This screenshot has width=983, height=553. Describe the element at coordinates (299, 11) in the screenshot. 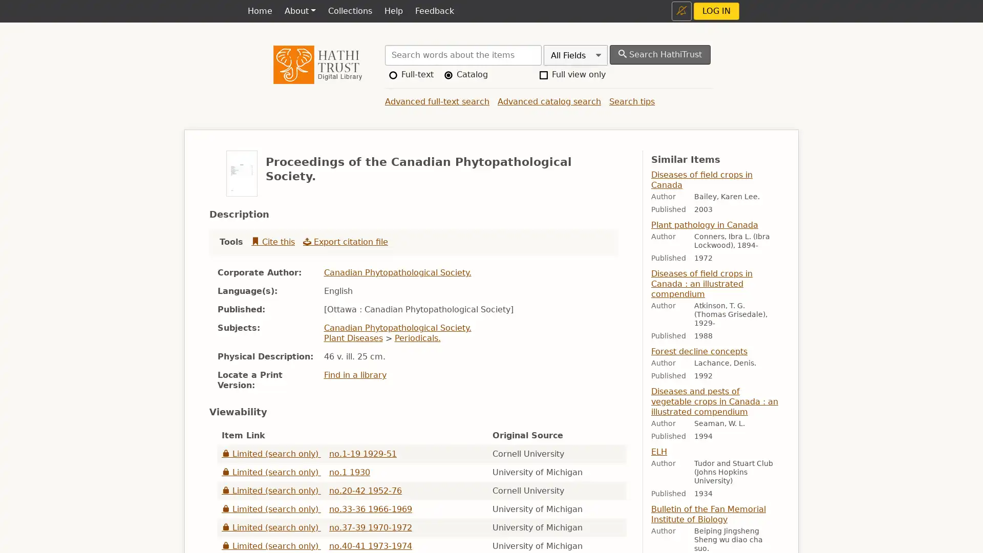

I see `About` at that location.